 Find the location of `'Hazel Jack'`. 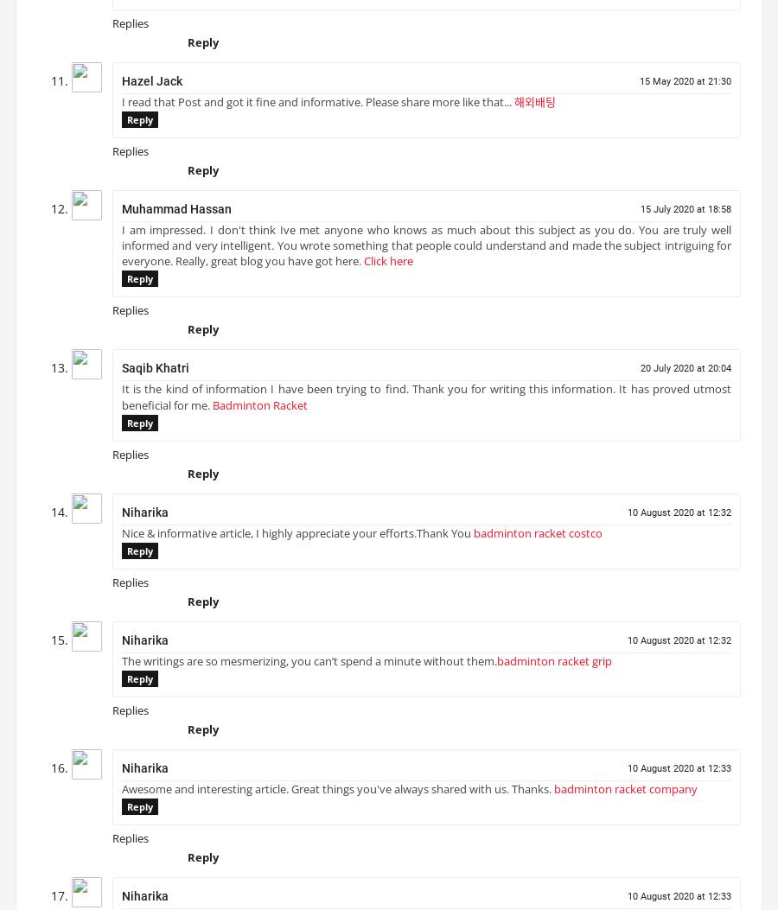

'Hazel Jack' is located at coordinates (152, 86).